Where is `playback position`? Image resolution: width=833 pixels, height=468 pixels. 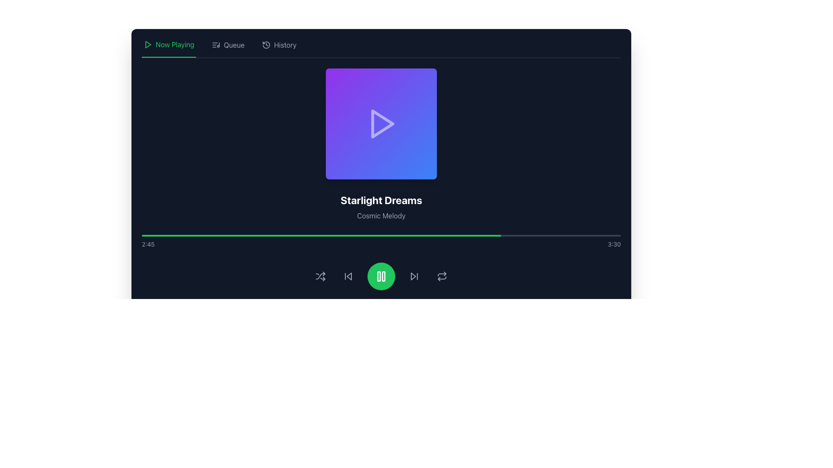
playback position is located at coordinates (407, 235).